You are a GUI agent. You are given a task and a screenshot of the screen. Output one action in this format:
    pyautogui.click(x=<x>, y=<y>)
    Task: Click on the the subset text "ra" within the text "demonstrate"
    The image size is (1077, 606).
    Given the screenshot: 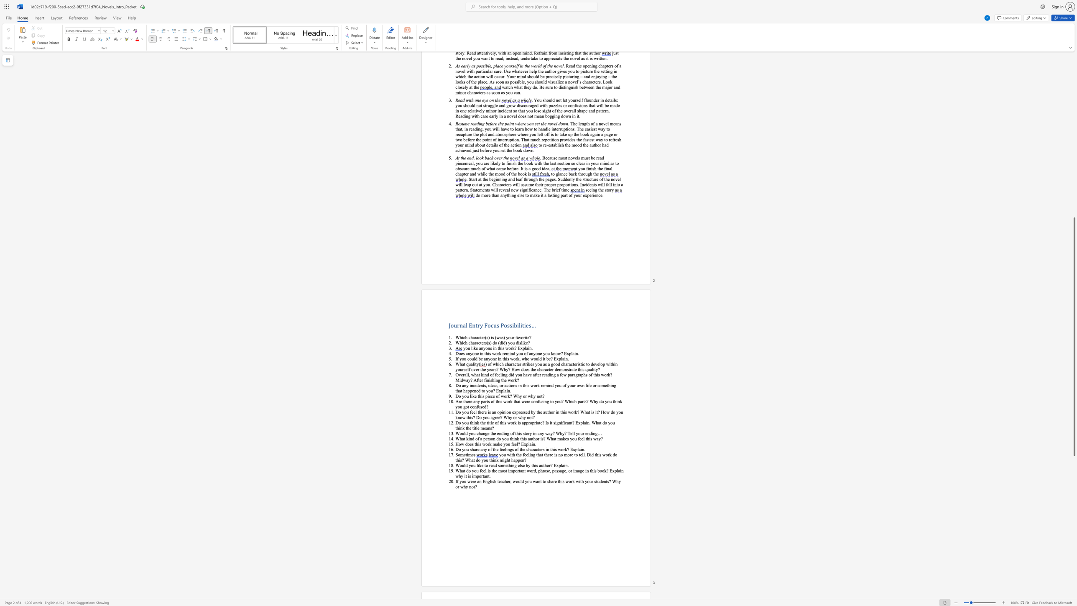 What is the action you would take?
    pyautogui.click(x=569, y=369)
    